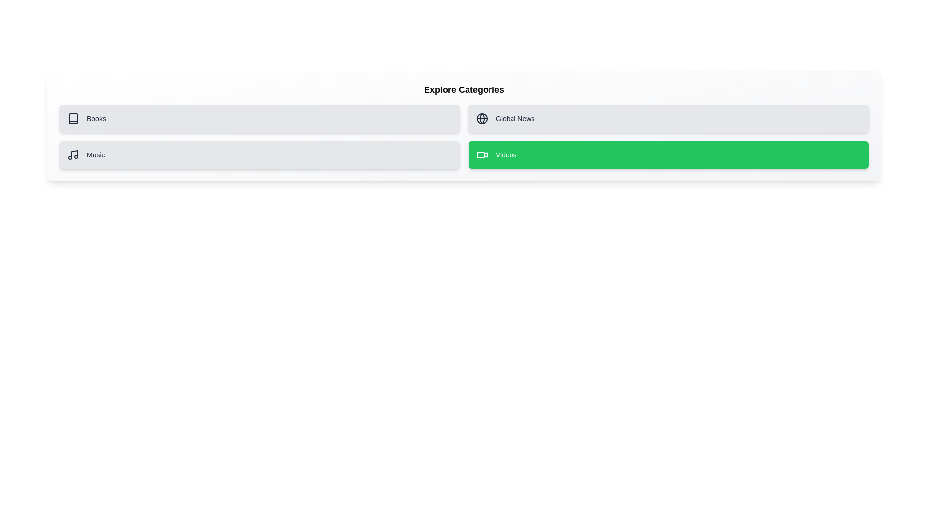 This screenshot has height=528, width=938. I want to click on the card labeled Books, so click(259, 118).